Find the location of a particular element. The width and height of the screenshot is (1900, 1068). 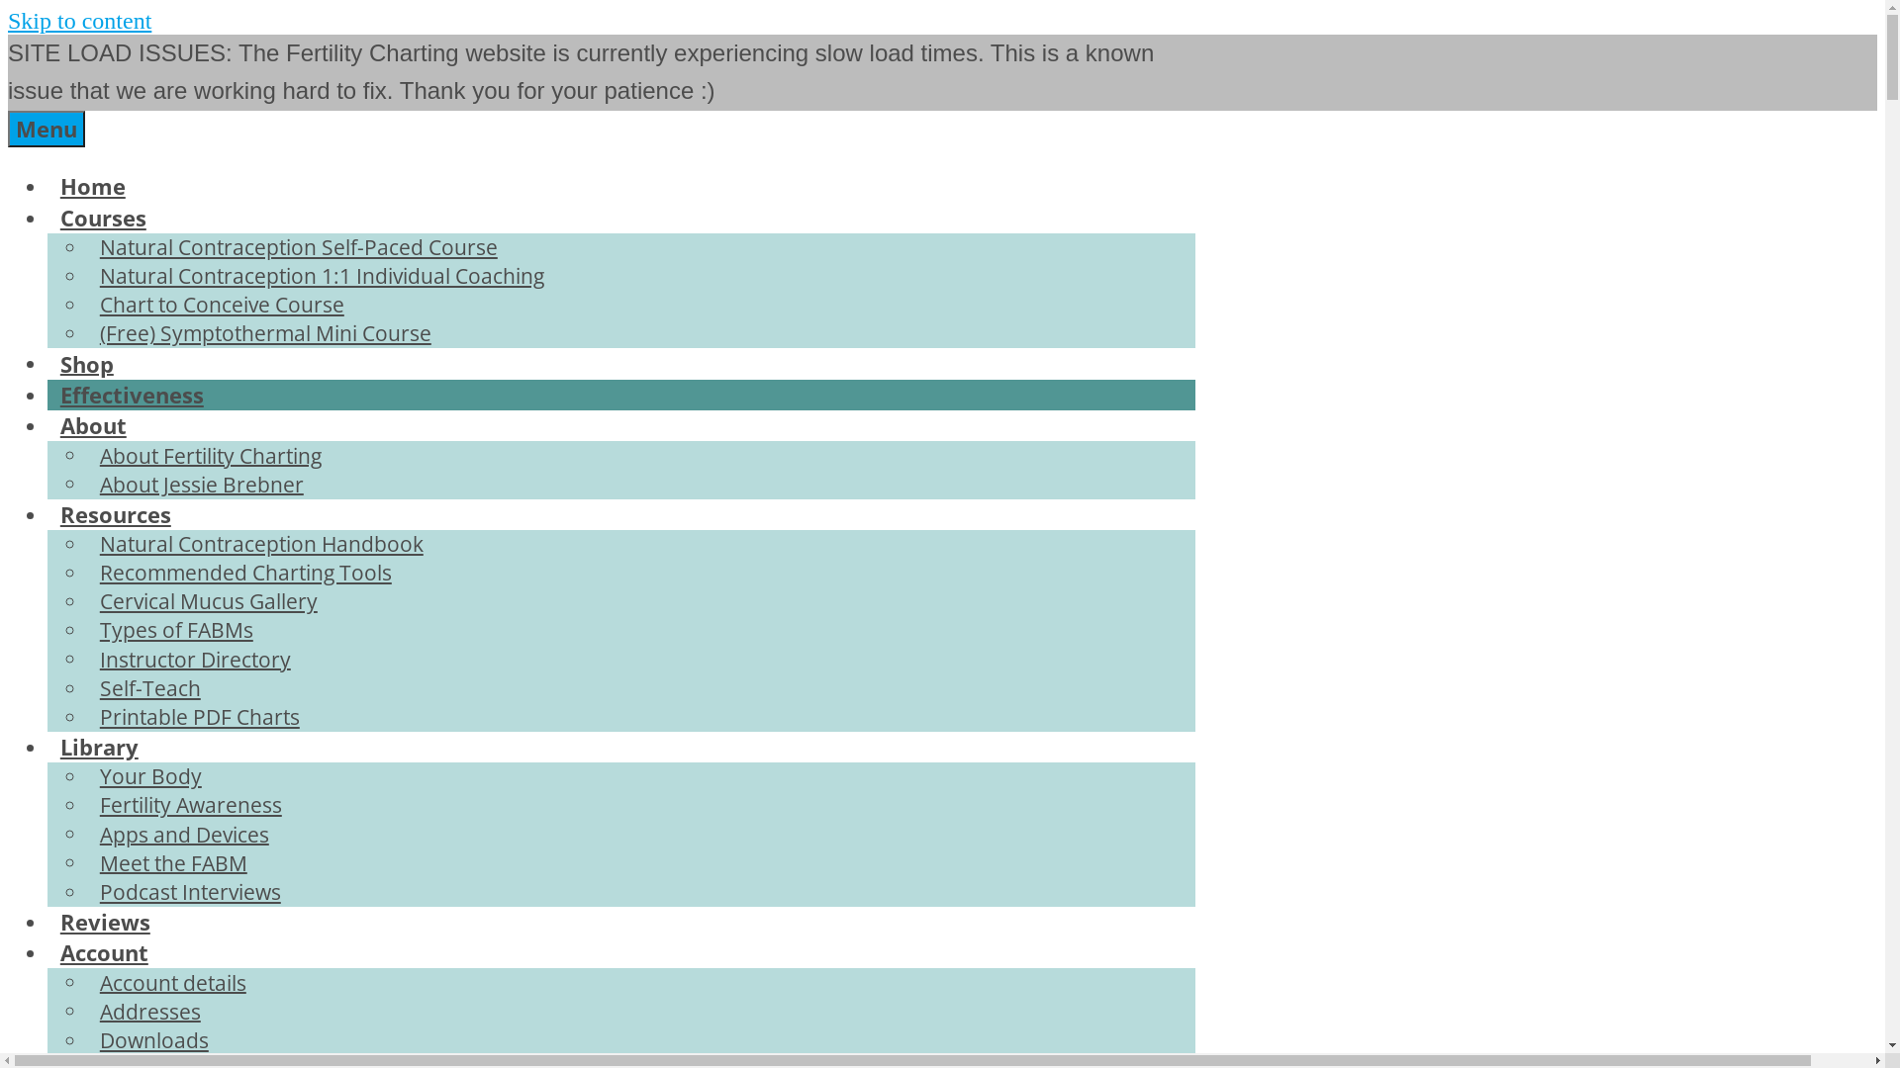

'About' is located at coordinates (92, 424).